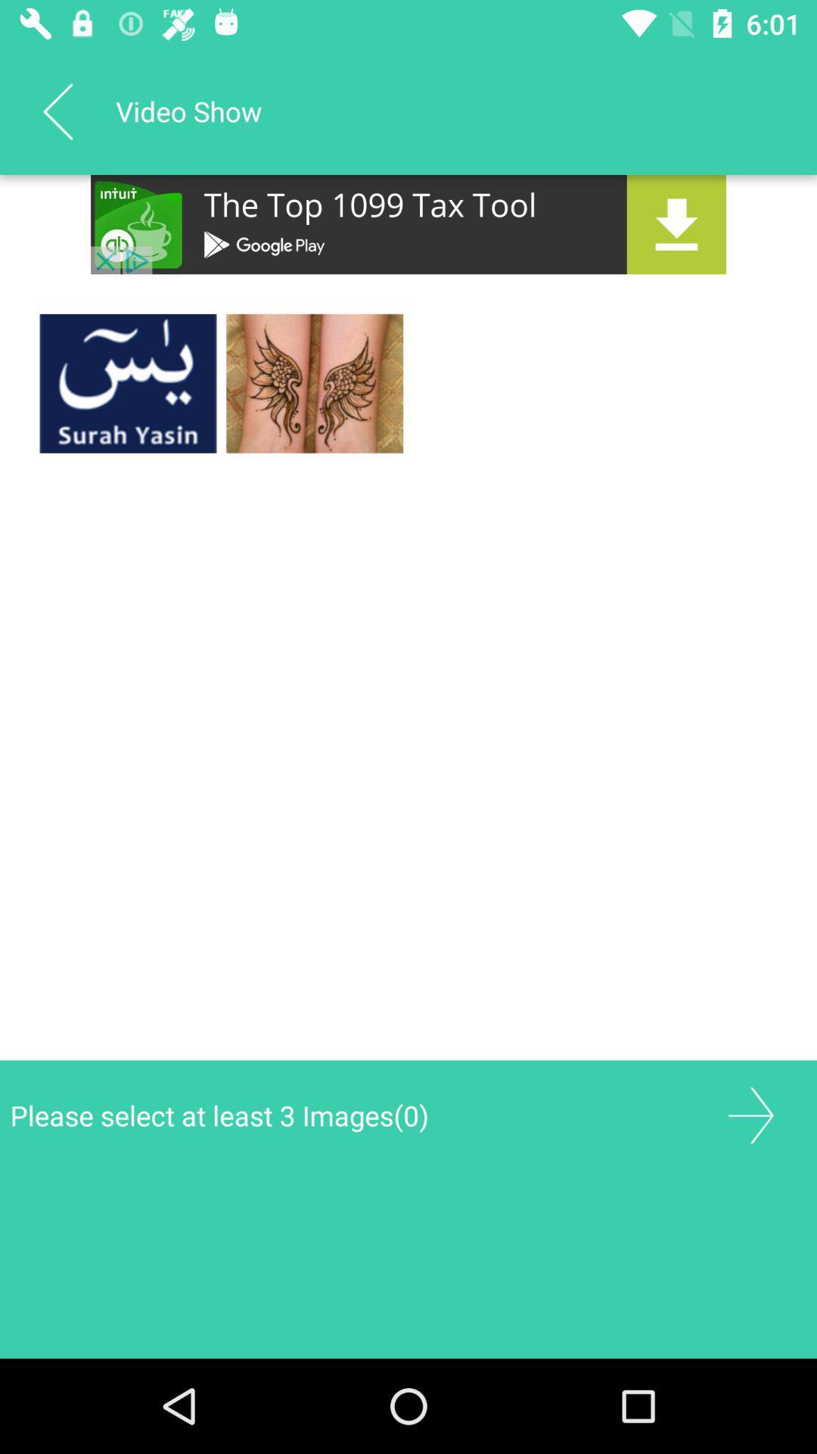 The height and width of the screenshot is (1454, 817). I want to click on advertisement, so click(408, 223).